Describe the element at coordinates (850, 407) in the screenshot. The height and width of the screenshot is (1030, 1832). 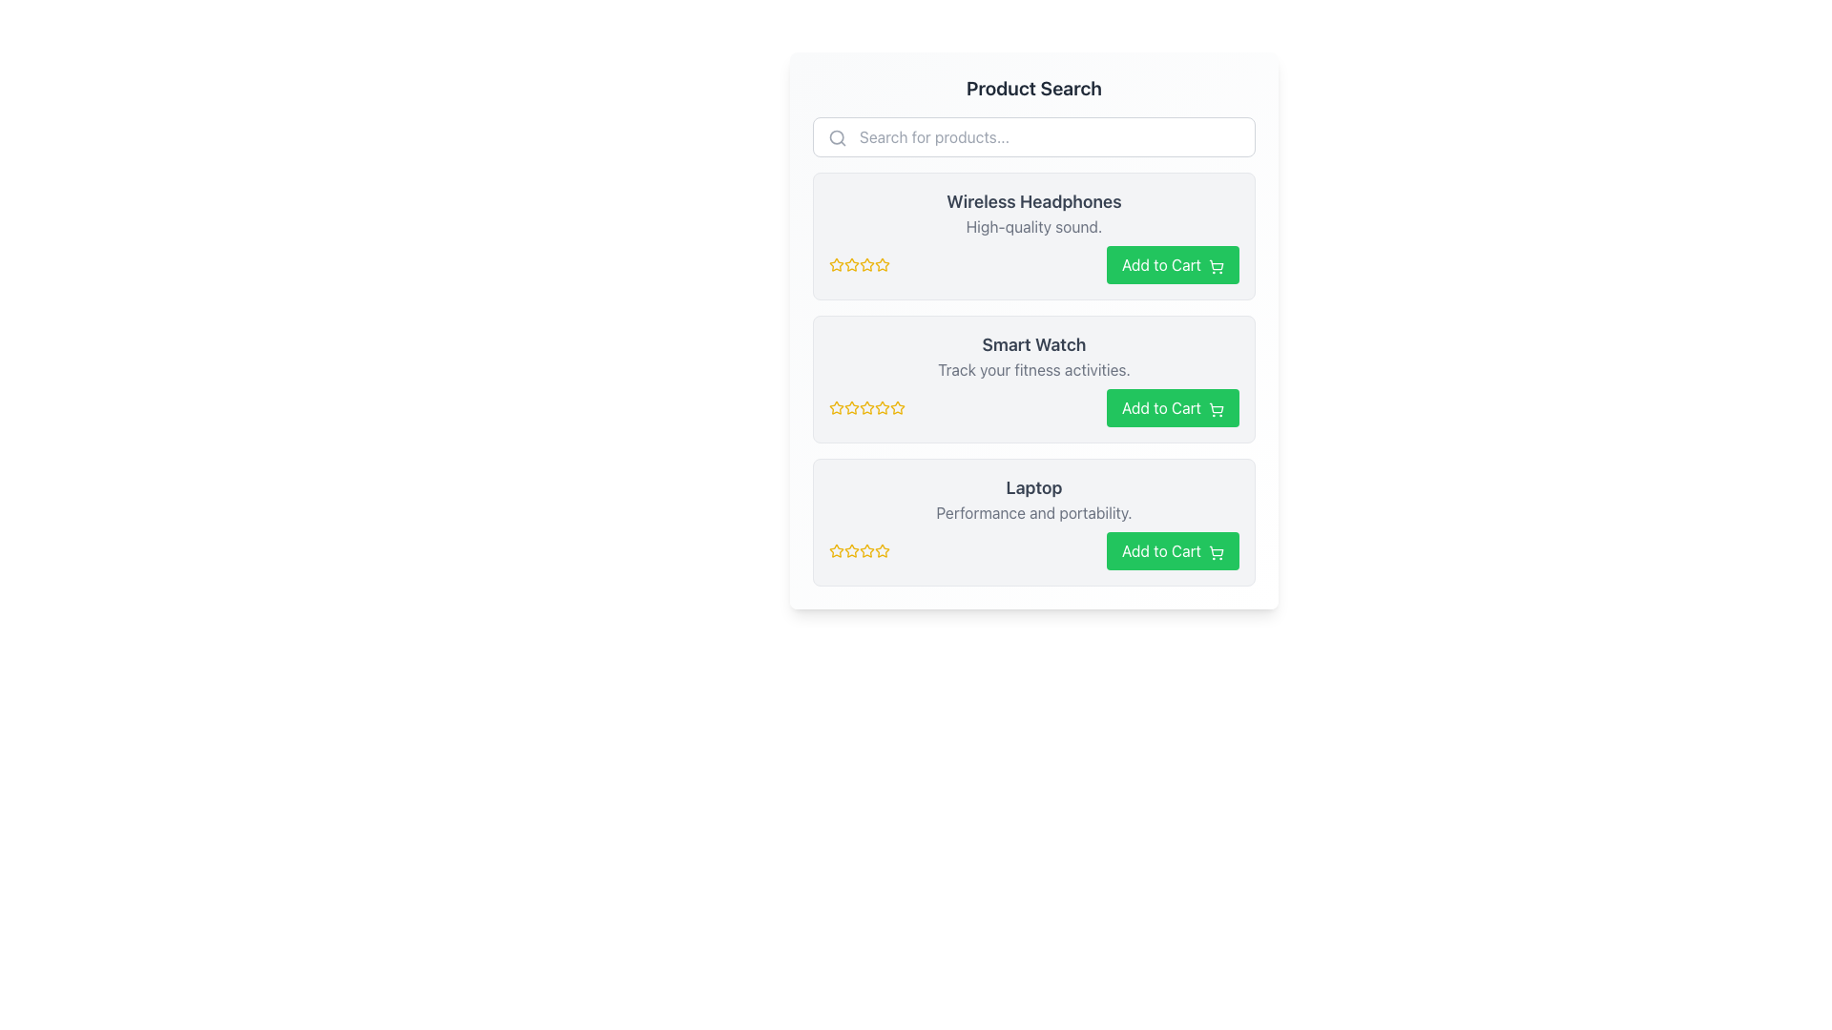
I see `the third yellow star icon in the rating component of the 'Smart Watch' product card` at that location.